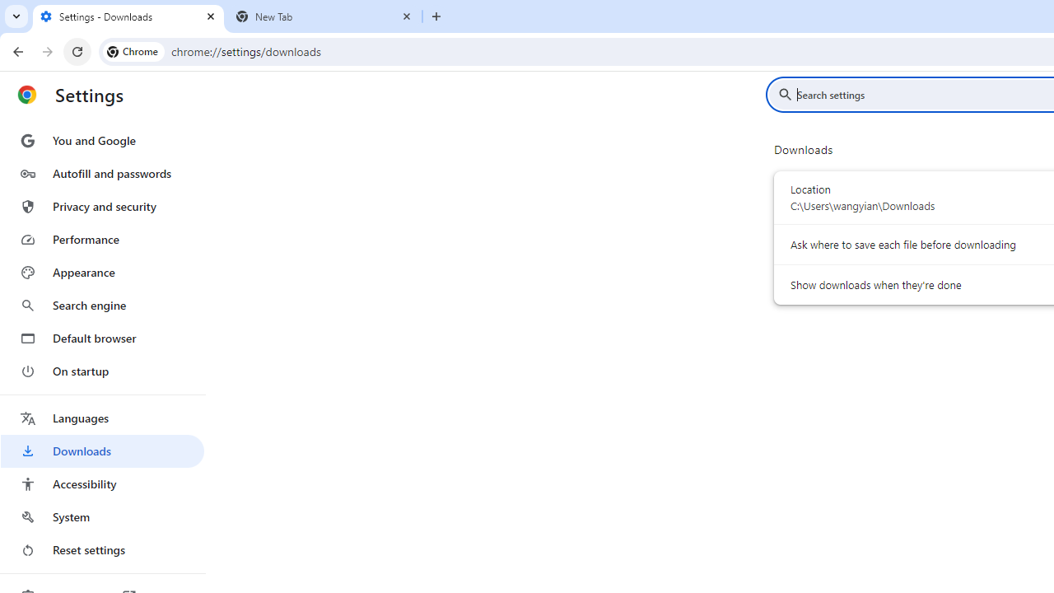 This screenshot has height=593, width=1054. What do you see at coordinates (101, 338) in the screenshot?
I see `'Default browser'` at bounding box center [101, 338].